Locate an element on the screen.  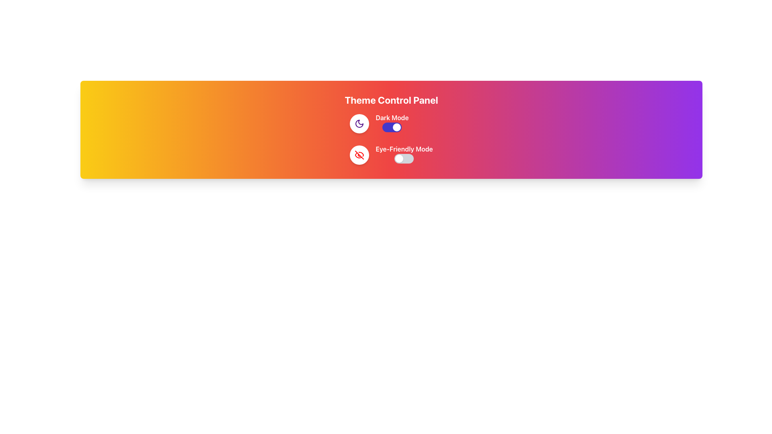
the white knob of the active toggle switch for the 'Dark Mode' feature is located at coordinates (392, 127).